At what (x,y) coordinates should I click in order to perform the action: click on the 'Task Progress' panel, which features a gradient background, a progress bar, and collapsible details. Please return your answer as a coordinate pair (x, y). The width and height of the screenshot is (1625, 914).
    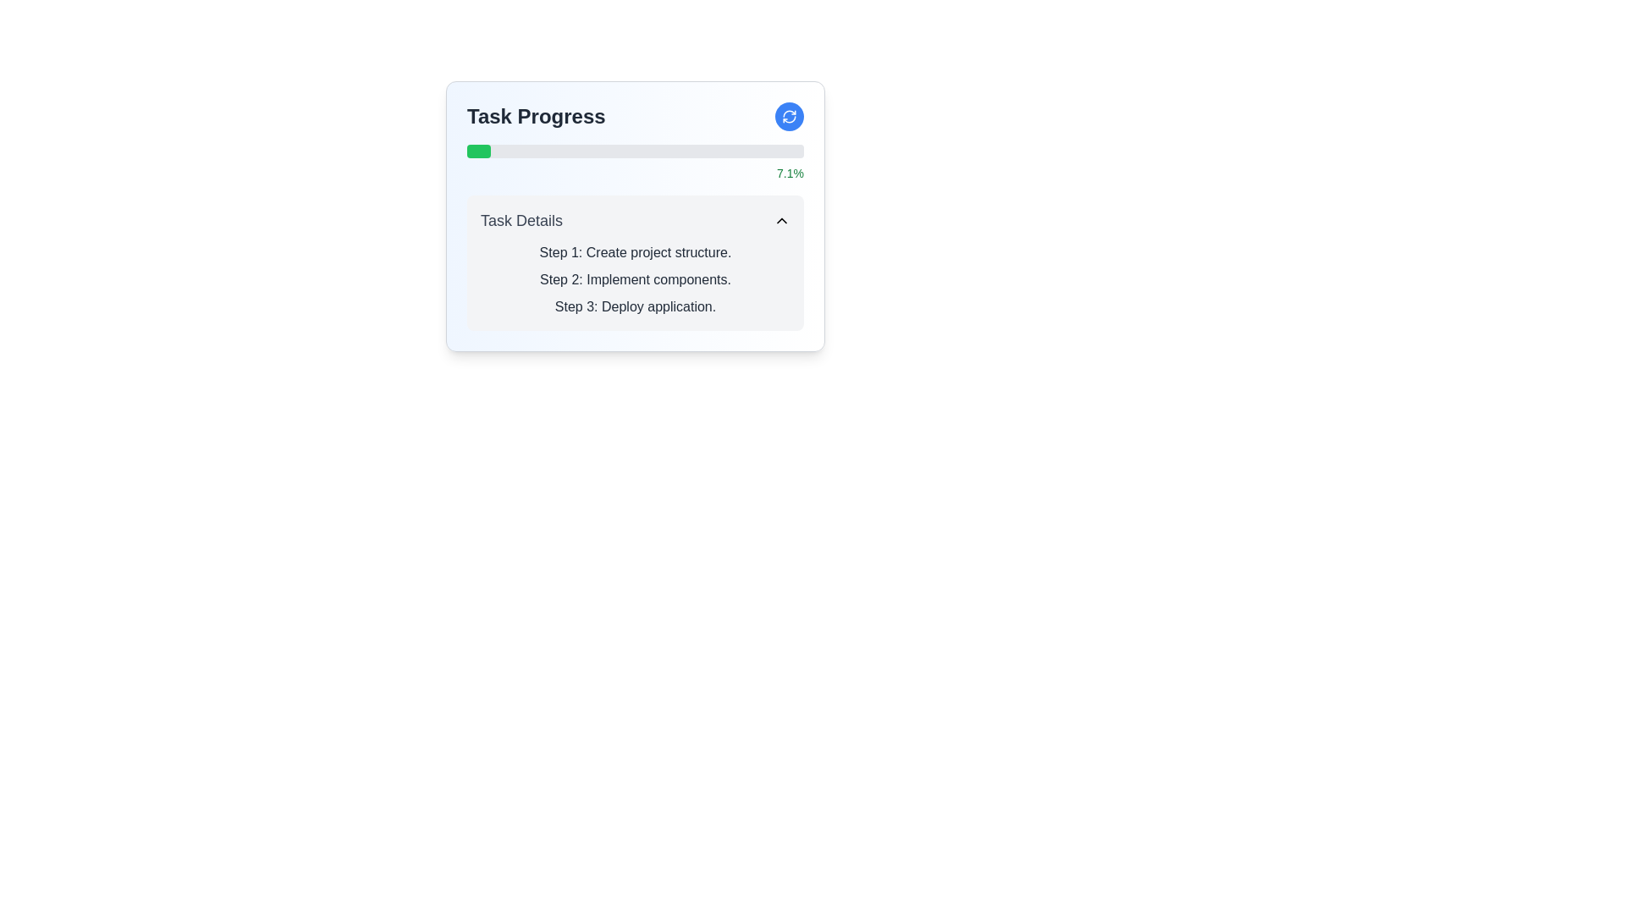
    Looking at the image, I should click on (634, 215).